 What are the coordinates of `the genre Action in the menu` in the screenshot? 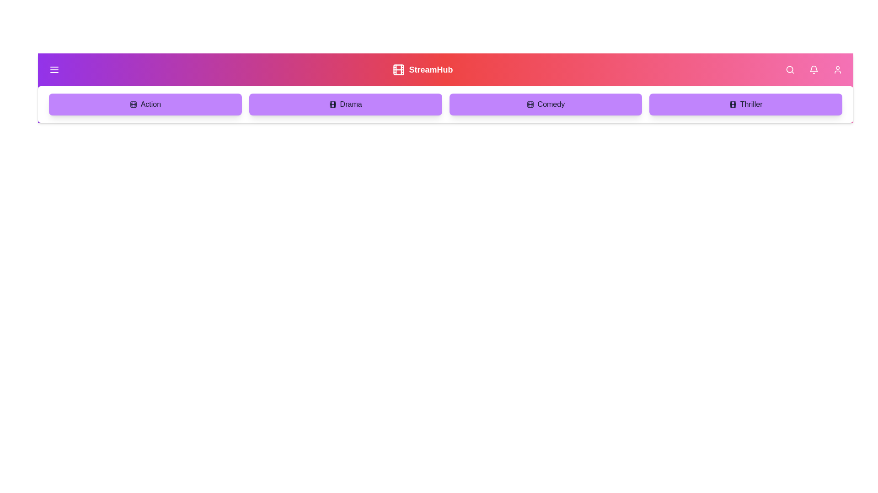 It's located at (145, 104).